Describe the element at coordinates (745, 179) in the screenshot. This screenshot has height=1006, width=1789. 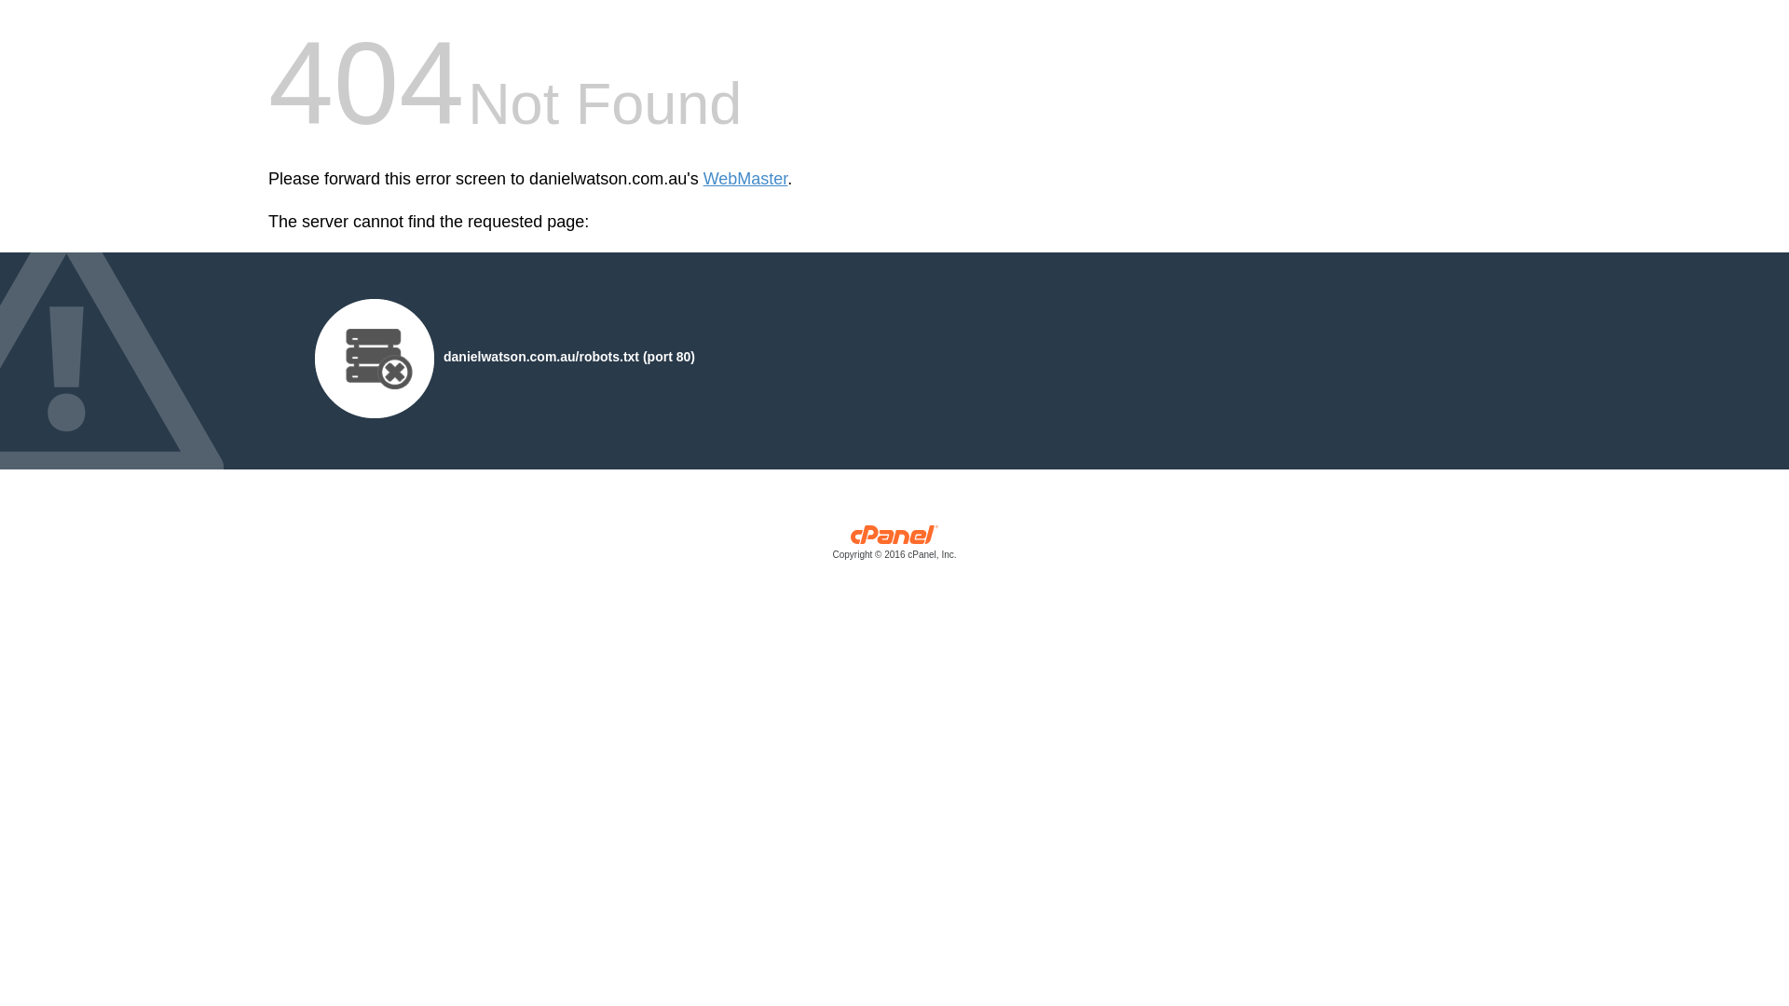
I see `'WebMaster'` at that location.